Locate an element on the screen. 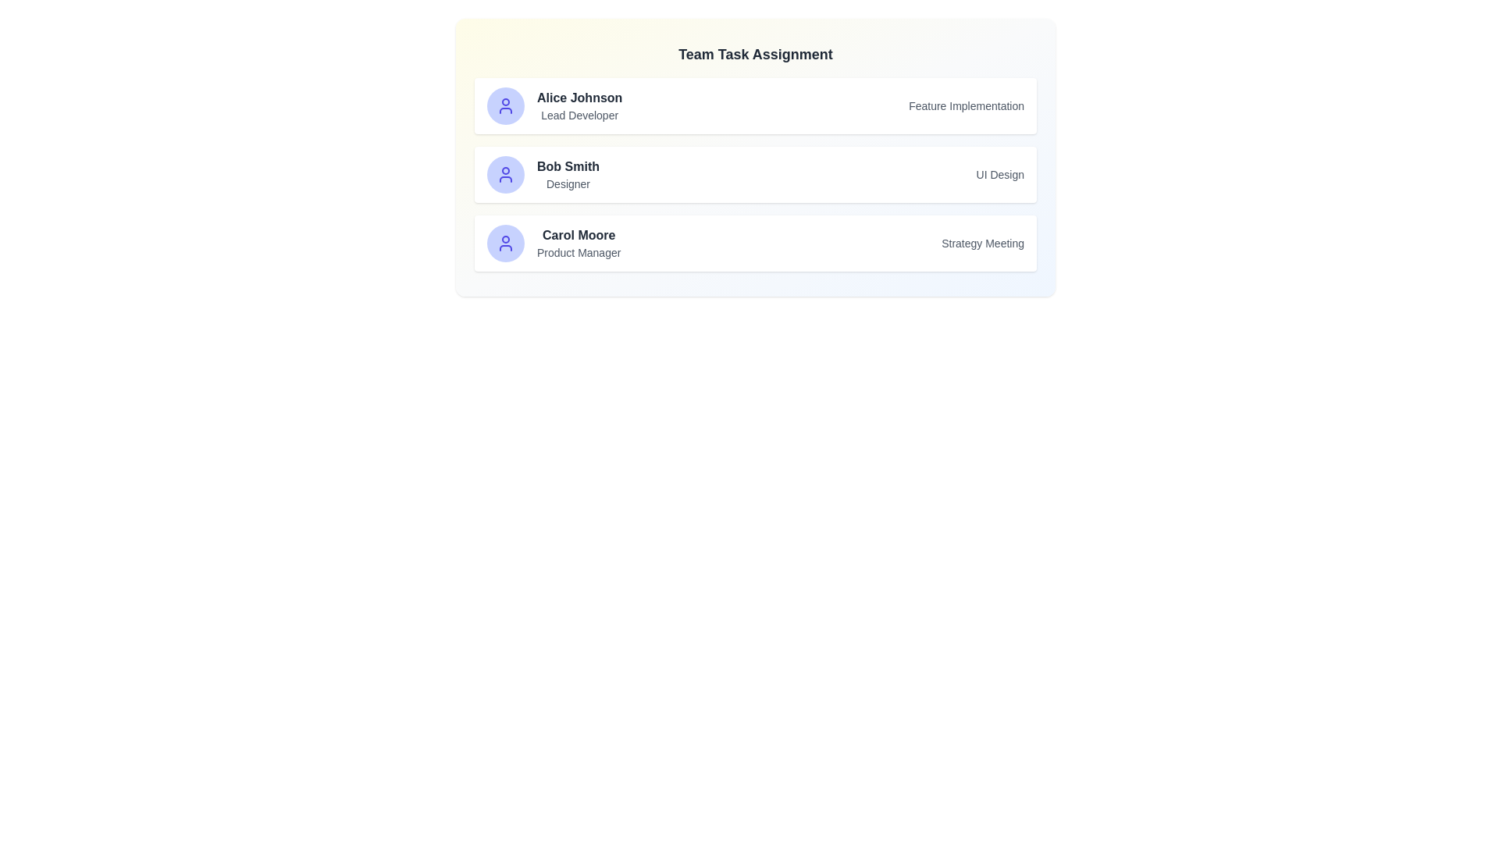 The height and width of the screenshot is (843, 1499). text of the textual element that identifies a team member, positioned to the right of a circular avatar icon in the third item of a vertical list is located at coordinates (578, 244).